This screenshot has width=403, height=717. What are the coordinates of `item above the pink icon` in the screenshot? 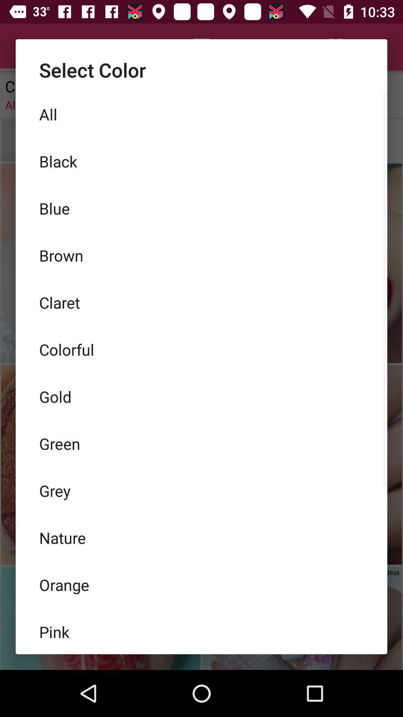 It's located at (201, 584).